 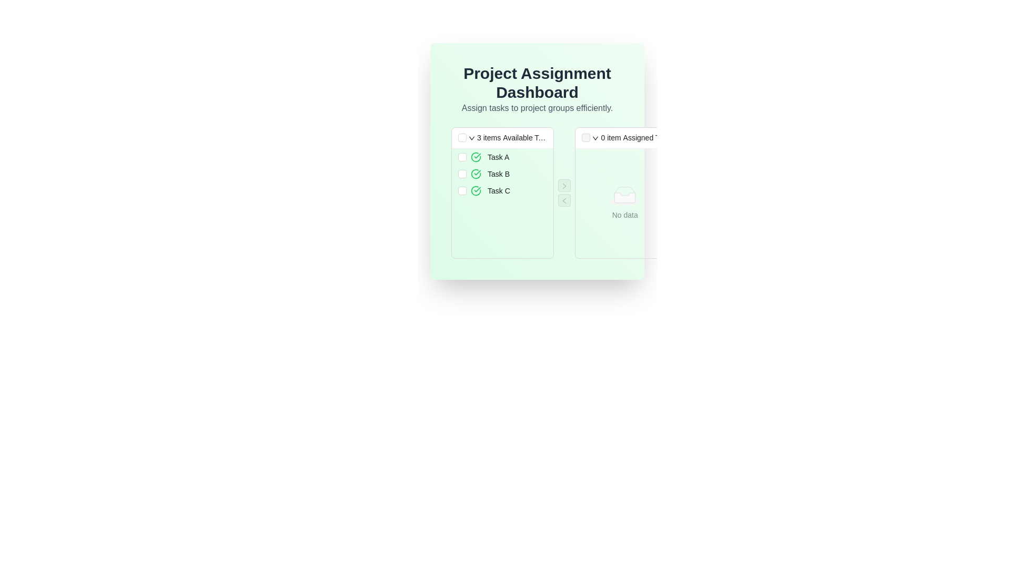 I want to click on the label displaying 'Task B', so click(x=498, y=174).